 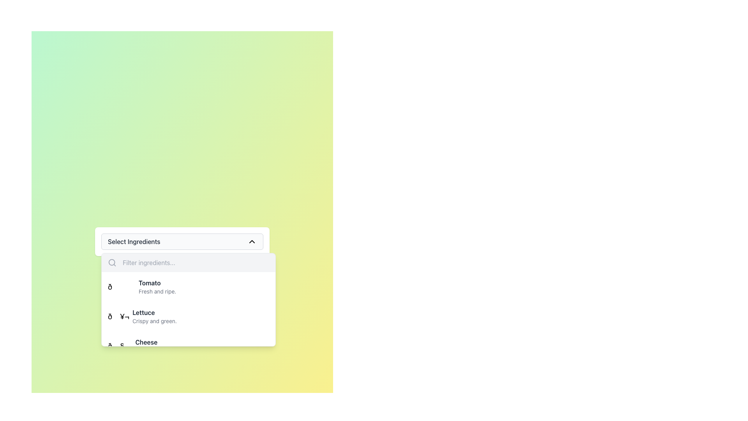 What do you see at coordinates (161, 345) in the screenshot?
I see `the 'Cheese' dropdown menu item` at bounding box center [161, 345].